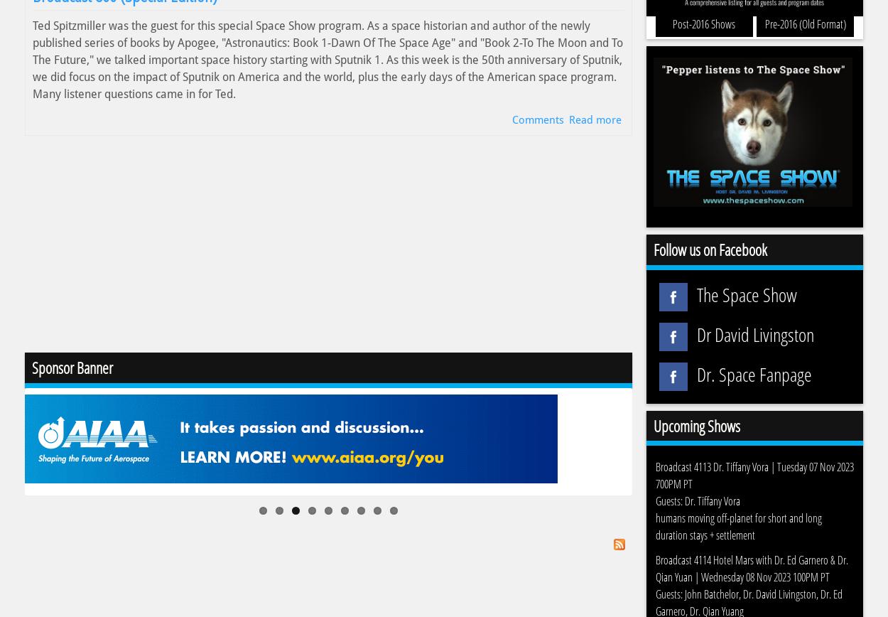 This screenshot has width=888, height=617. I want to click on 'Dr. Tiffany Vora', so click(713, 500).